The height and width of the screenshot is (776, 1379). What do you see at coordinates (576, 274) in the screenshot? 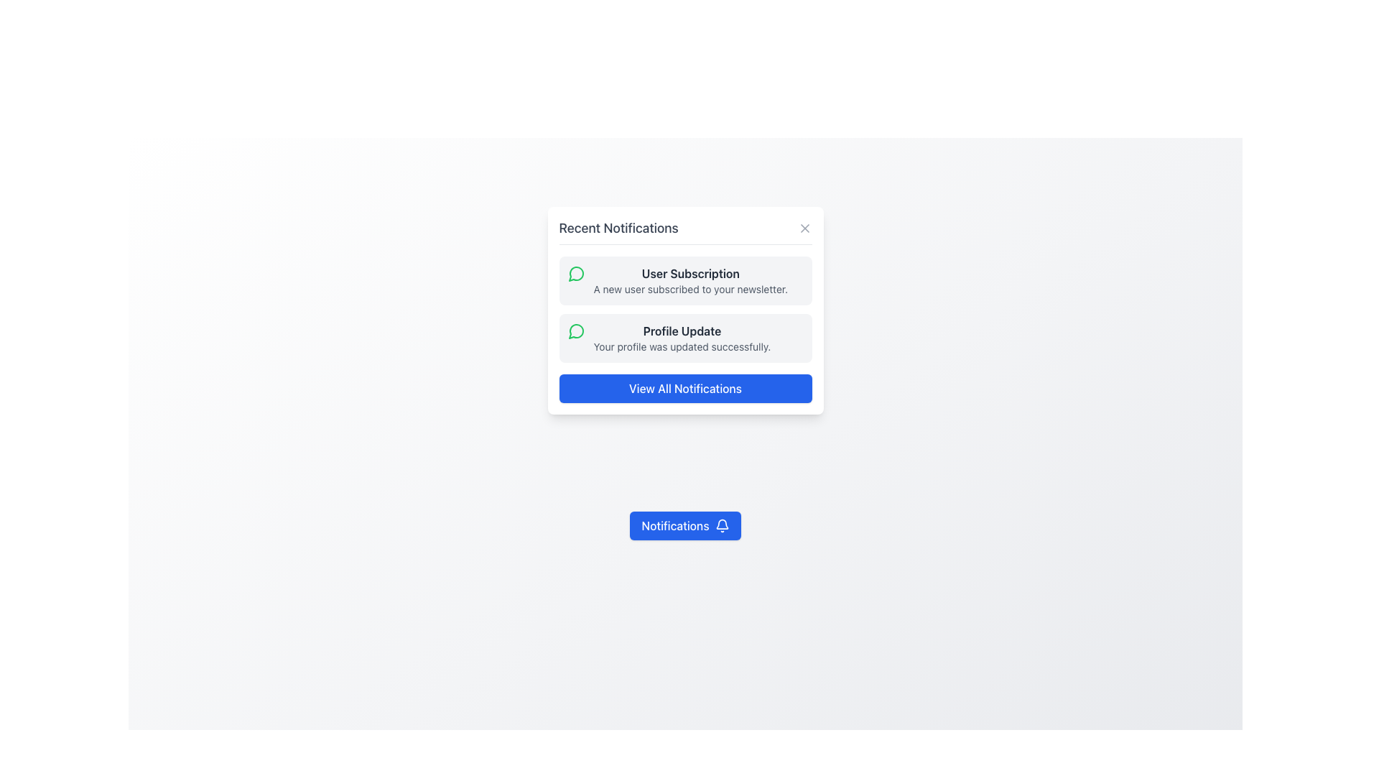
I see `the green circular speech bubble icon located to the left of the 'User Subscription' text in the notification card` at bounding box center [576, 274].